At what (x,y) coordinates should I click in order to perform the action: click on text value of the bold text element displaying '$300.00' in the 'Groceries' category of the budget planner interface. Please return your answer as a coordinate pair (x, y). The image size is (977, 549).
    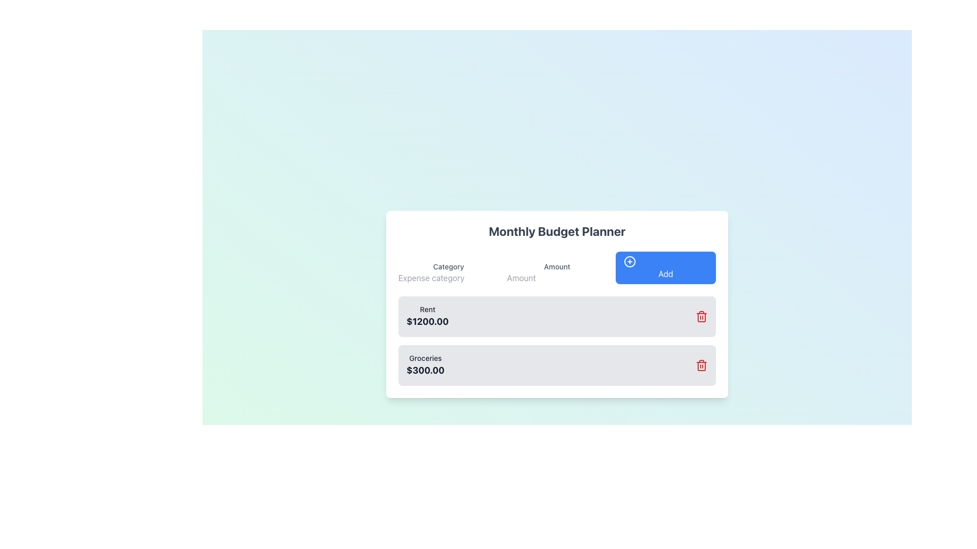
    Looking at the image, I should click on (425, 371).